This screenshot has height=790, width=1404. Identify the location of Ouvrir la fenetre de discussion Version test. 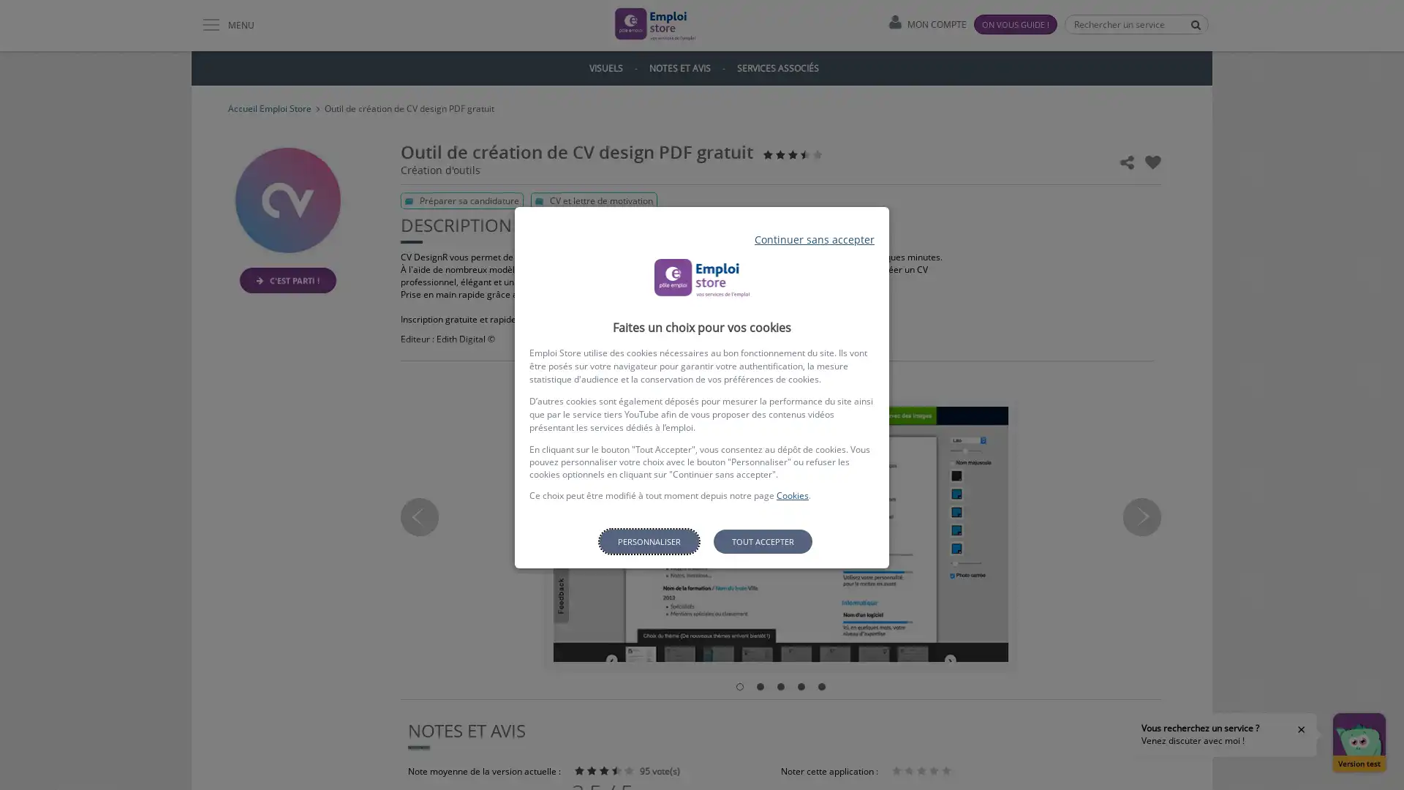
(1358, 742).